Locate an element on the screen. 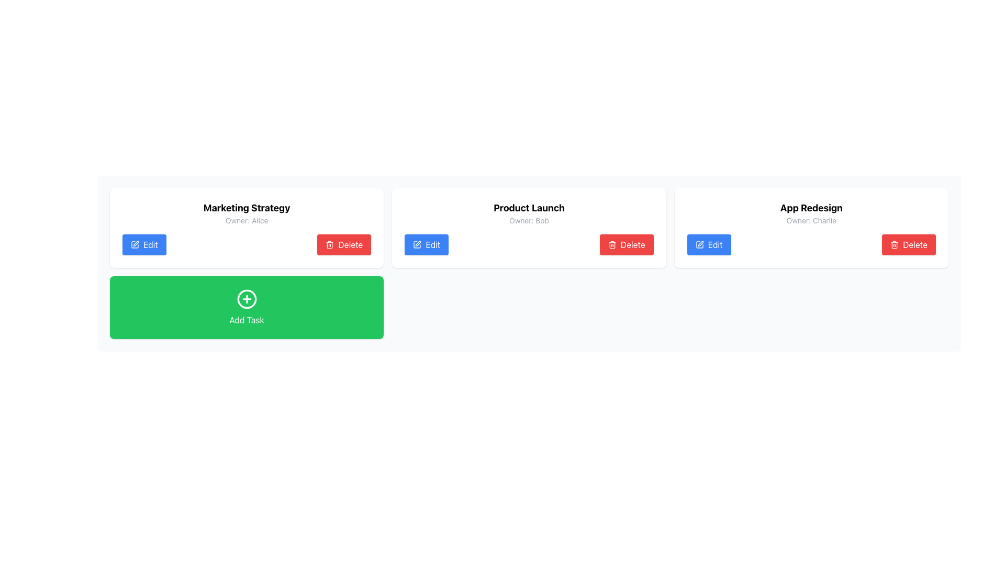  the red 'Delete' button with white text that has a trash icon, located under 'Marketing Strategy' is located at coordinates (344, 244).